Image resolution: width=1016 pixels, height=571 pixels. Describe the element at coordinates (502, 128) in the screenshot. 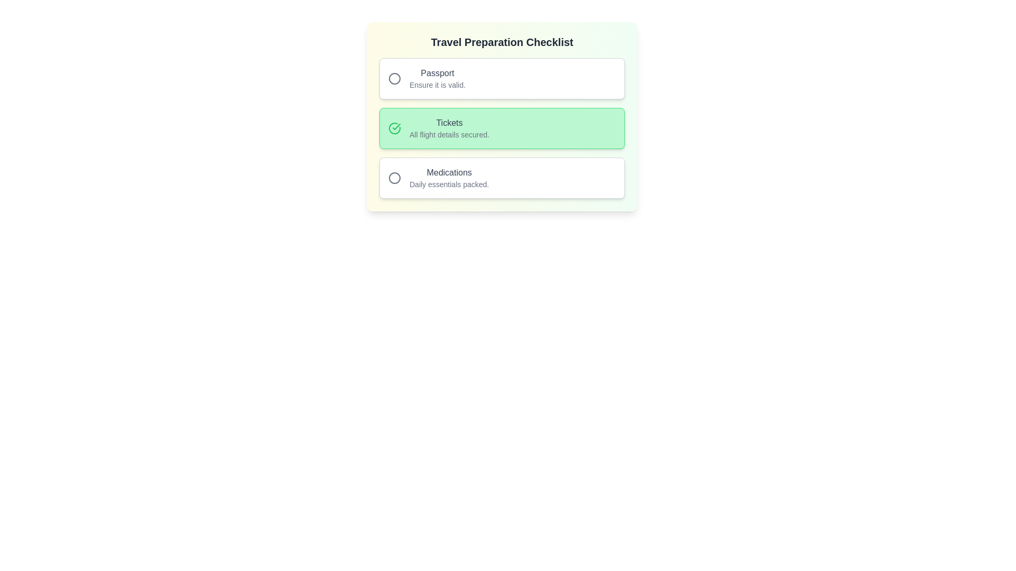

I see `the checkbox for Tickets to toggle its status` at that location.